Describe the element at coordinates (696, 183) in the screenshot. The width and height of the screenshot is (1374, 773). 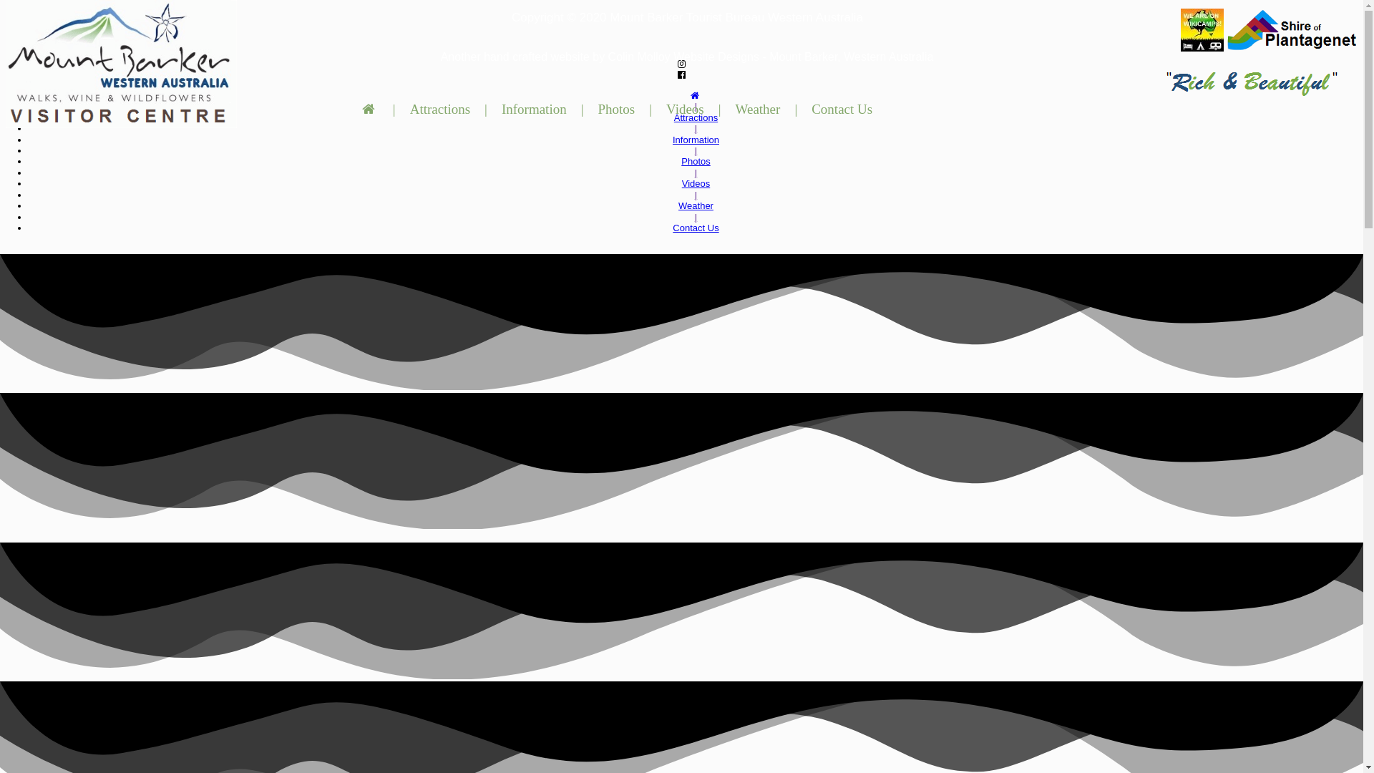
I see `'Videos'` at that location.